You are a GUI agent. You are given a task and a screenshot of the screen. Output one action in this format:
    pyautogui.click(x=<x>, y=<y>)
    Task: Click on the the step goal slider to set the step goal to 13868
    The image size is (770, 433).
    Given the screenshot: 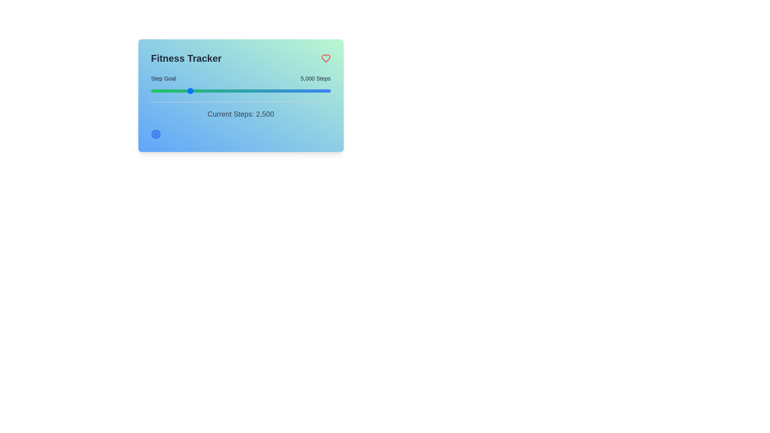 What is the action you would take?
    pyautogui.click(x=272, y=91)
    